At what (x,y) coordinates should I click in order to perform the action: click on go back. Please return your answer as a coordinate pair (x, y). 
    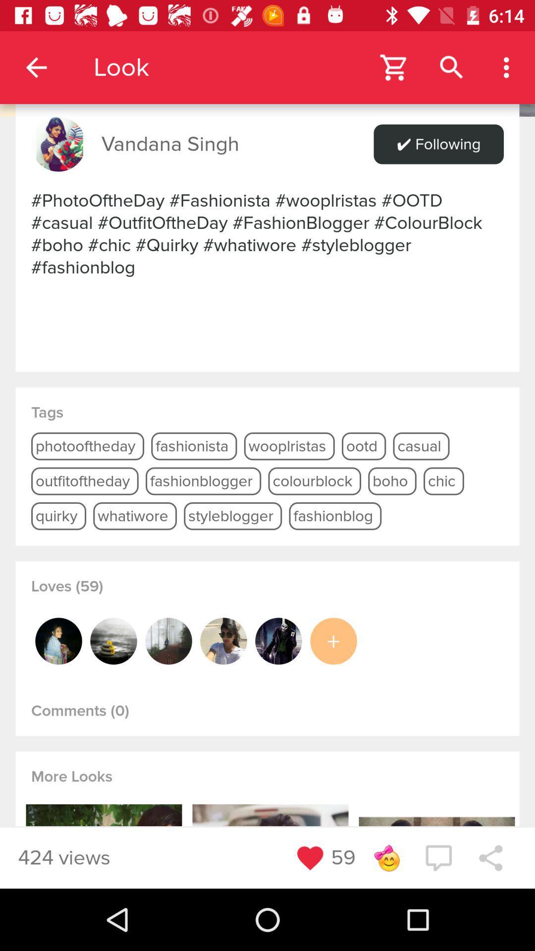
    Looking at the image, I should click on (267, 57).